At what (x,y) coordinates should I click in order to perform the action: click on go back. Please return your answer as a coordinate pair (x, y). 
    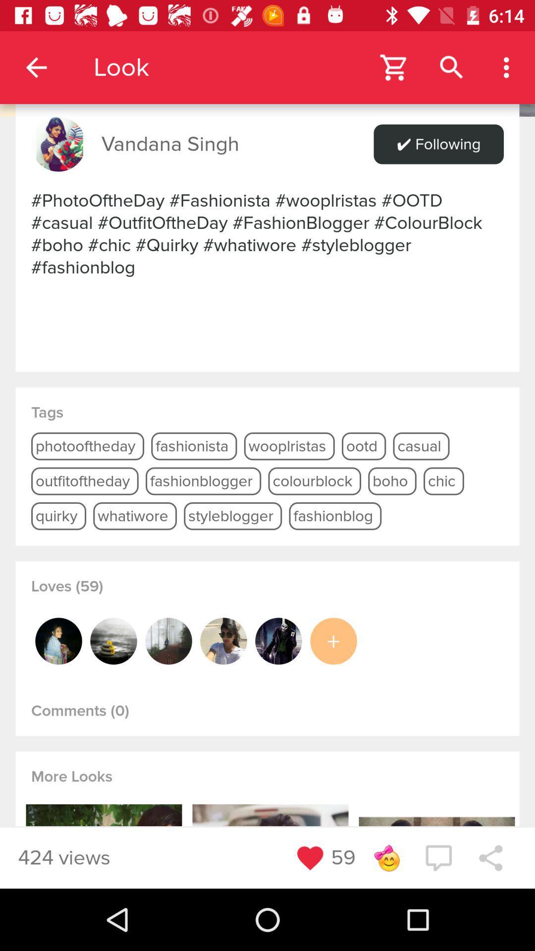
    Looking at the image, I should click on (267, 57).